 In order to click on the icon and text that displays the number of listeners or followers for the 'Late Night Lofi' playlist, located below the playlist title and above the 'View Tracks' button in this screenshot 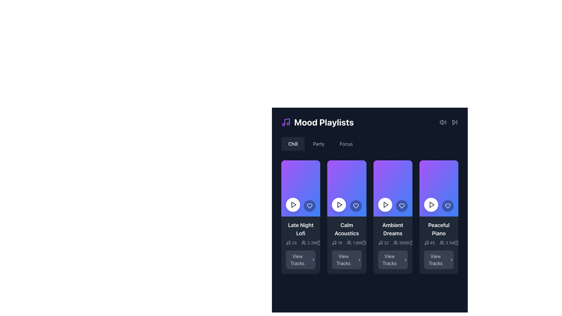, I will do `click(301, 243)`.